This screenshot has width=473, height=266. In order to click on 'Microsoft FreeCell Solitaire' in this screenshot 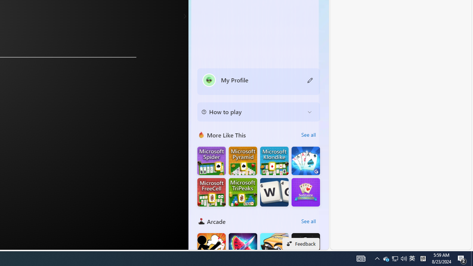, I will do `click(211, 192)`.